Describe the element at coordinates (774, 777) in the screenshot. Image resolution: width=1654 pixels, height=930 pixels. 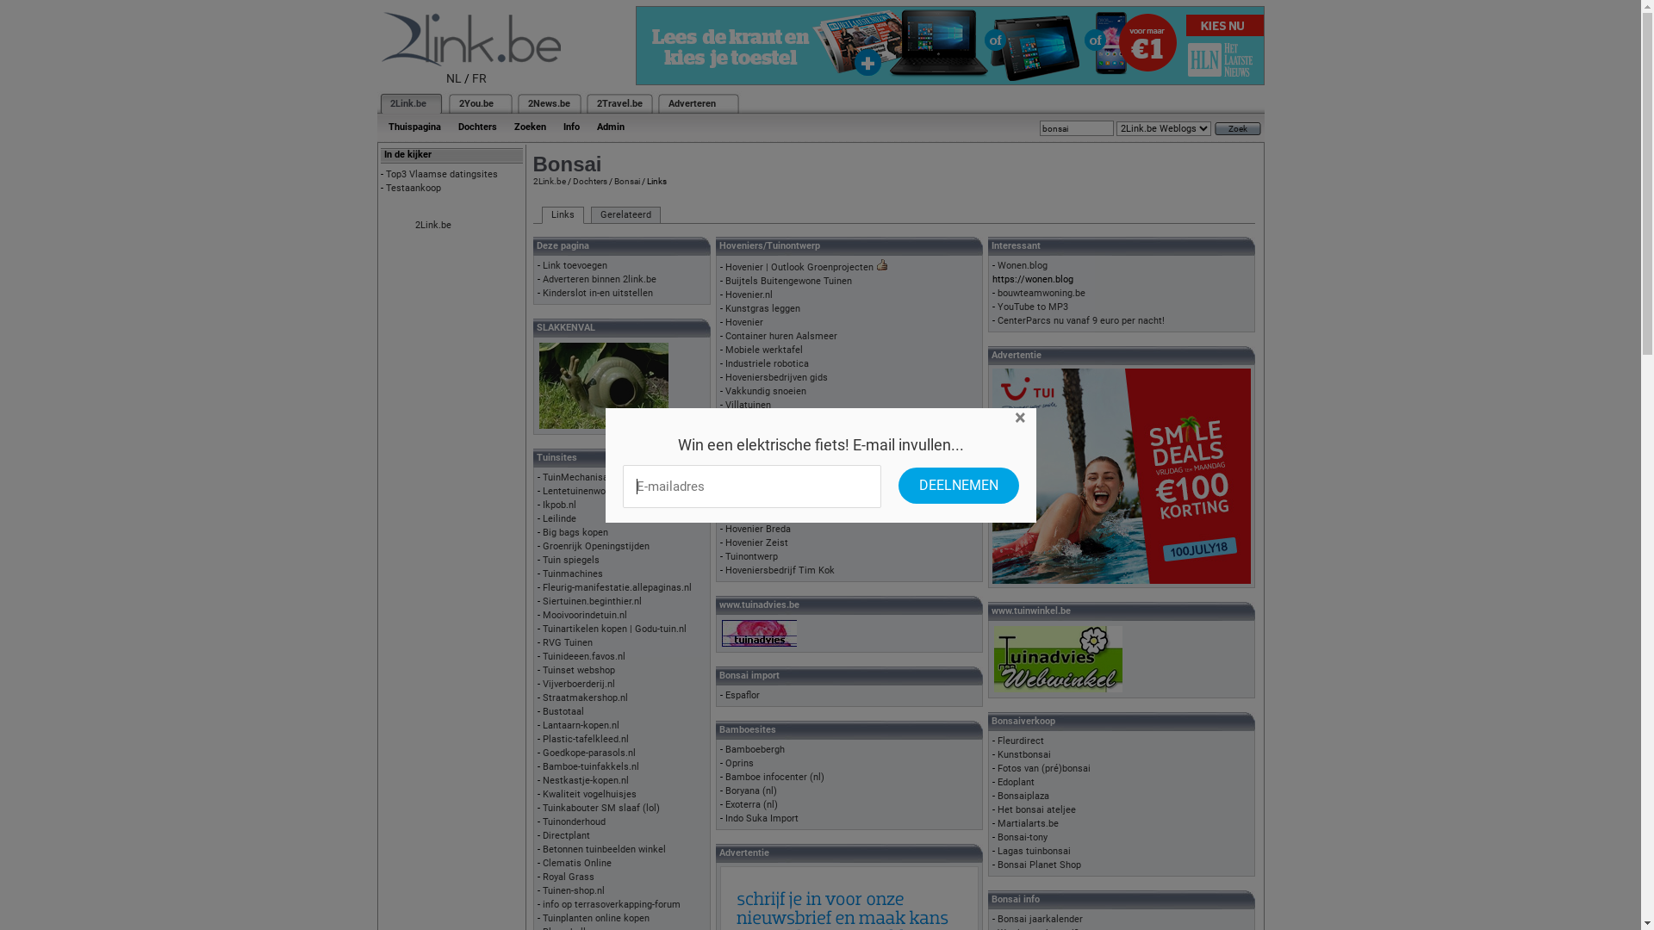
I see `'Bamboe infocenter (nl)'` at that location.